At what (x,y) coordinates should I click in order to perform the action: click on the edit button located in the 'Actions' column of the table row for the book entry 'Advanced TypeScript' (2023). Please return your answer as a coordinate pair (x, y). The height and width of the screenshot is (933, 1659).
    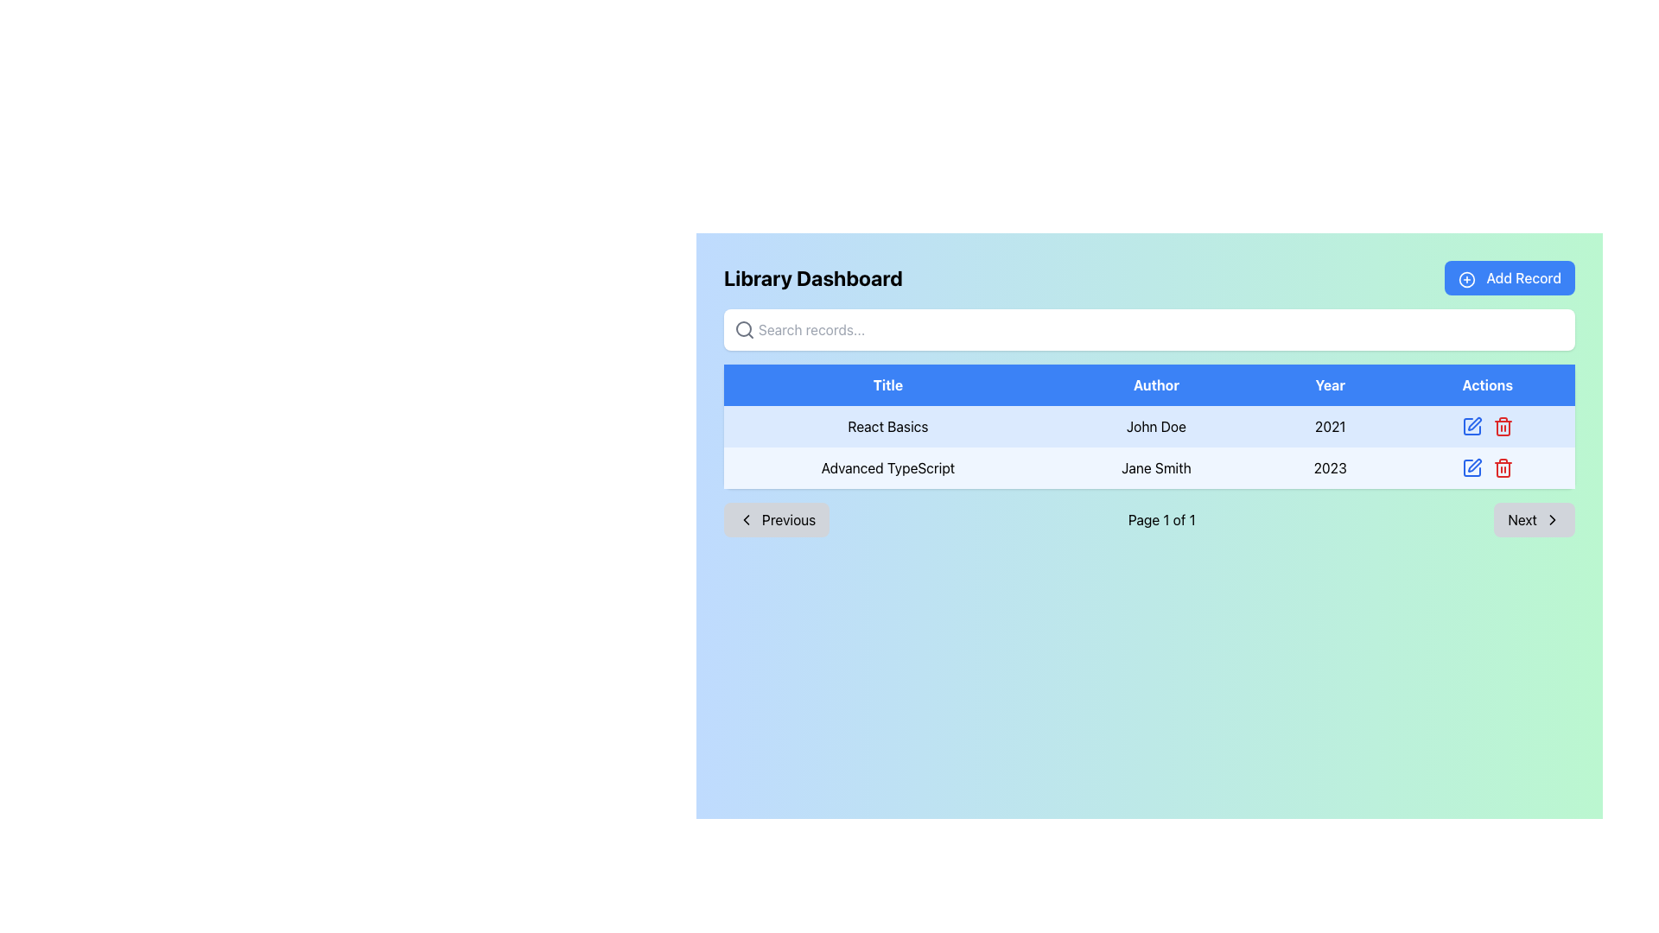
    Looking at the image, I should click on (1486, 468).